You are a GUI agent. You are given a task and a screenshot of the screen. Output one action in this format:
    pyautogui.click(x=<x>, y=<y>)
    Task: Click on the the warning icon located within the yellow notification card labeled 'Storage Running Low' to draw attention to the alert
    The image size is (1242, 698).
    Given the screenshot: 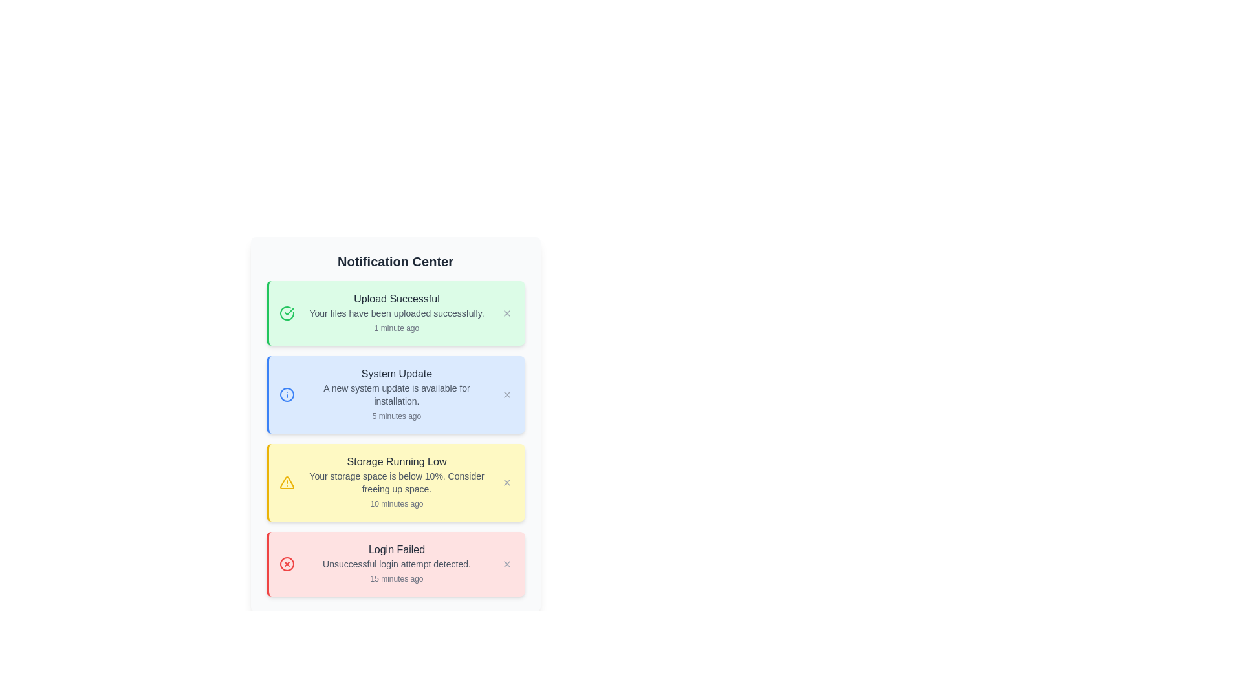 What is the action you would take?
    pyautogui.click(x=286, y=483)
    